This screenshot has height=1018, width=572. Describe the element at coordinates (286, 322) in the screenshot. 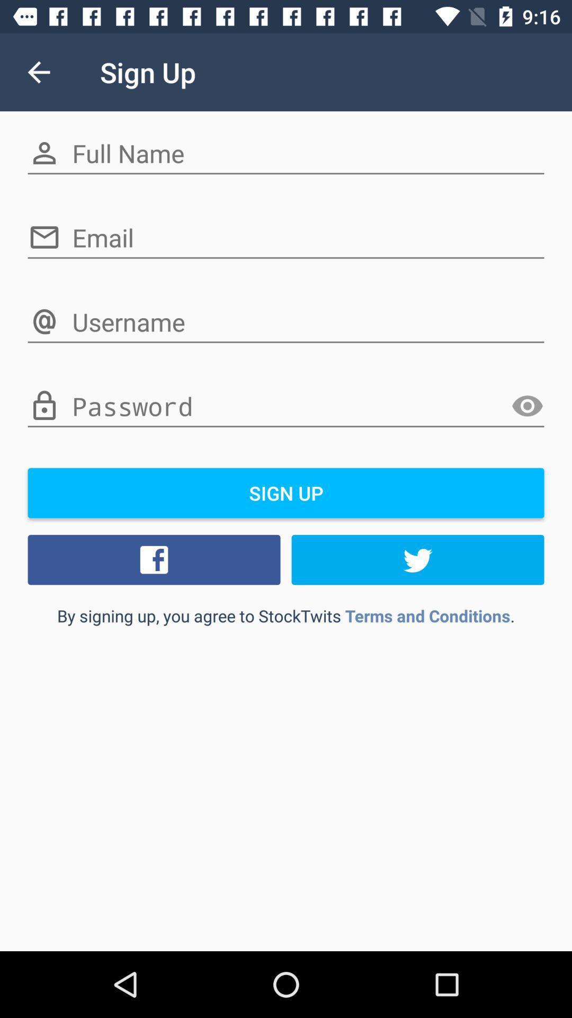

I see `3rd text field on the page` at that location.